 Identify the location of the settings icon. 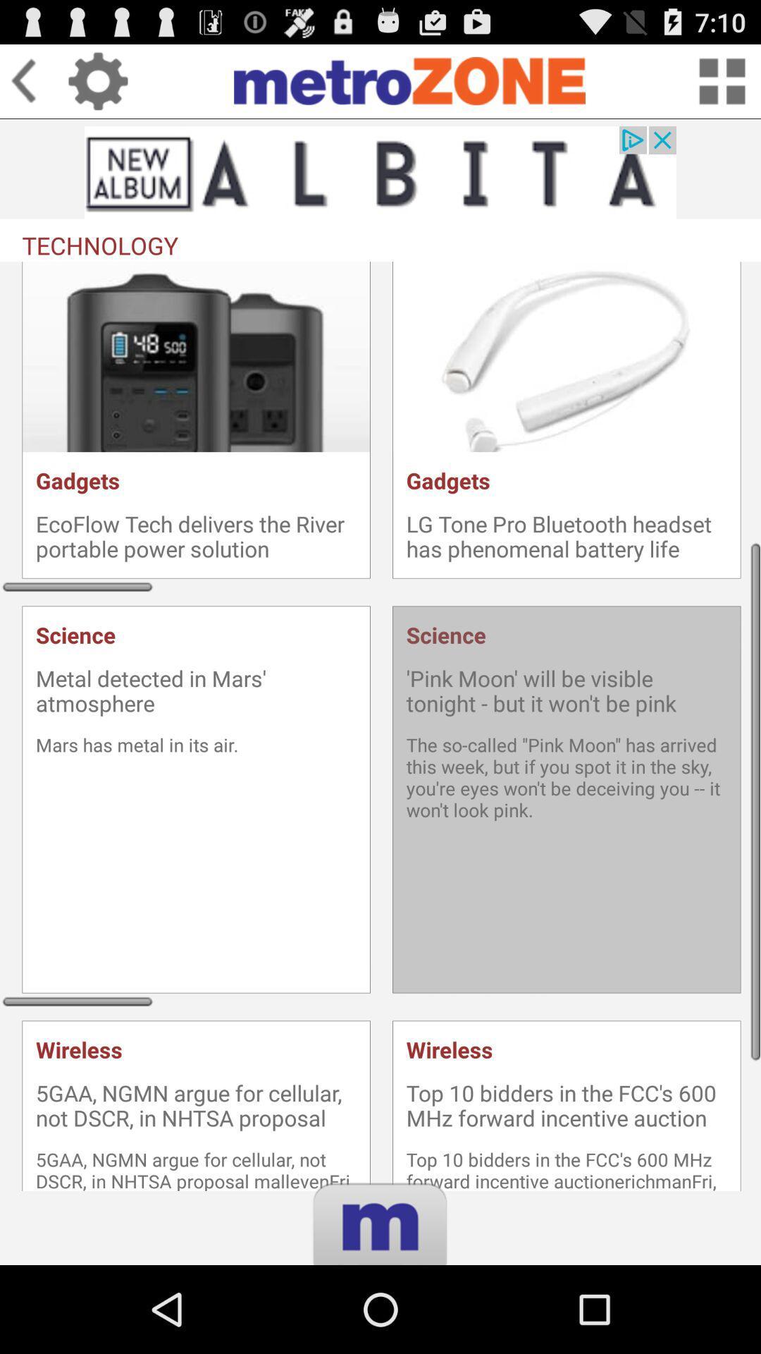
(97, 86).